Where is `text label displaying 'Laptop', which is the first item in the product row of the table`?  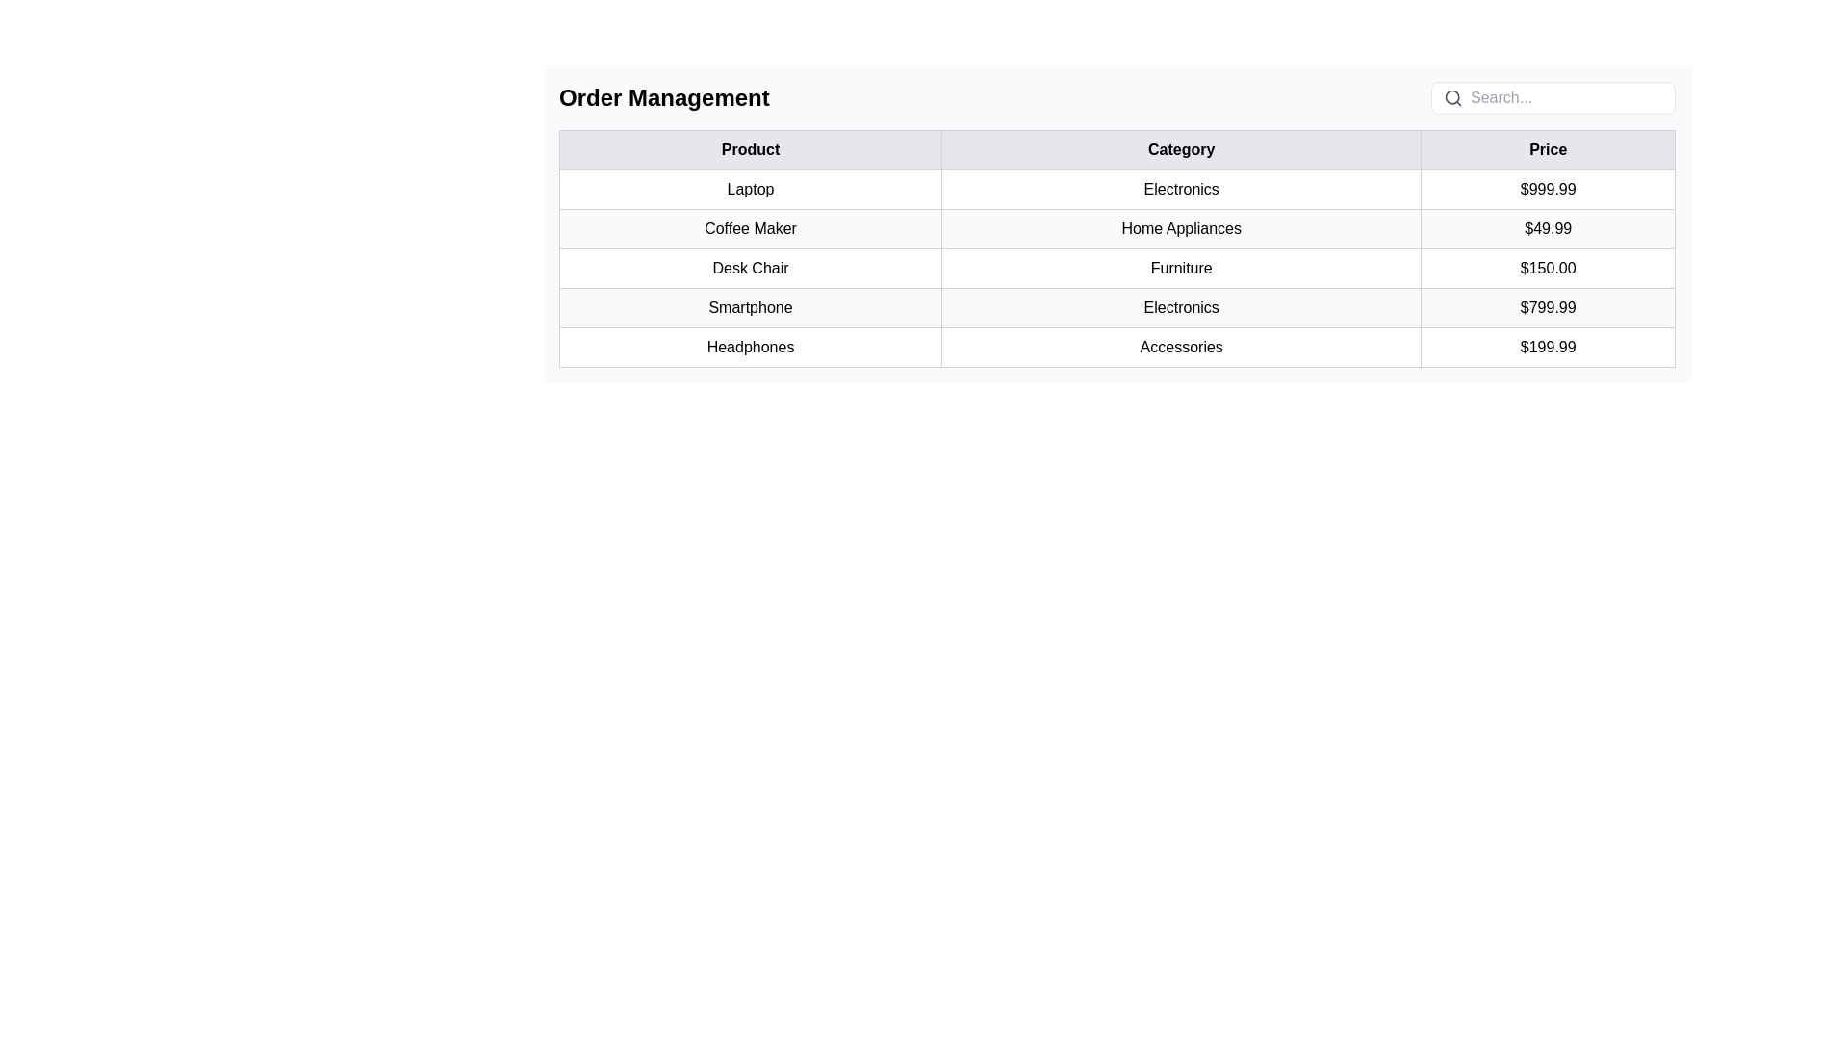
text label displaying 'Laptop', which is the first item in the product row of the table is located at coordinates (750, 189).